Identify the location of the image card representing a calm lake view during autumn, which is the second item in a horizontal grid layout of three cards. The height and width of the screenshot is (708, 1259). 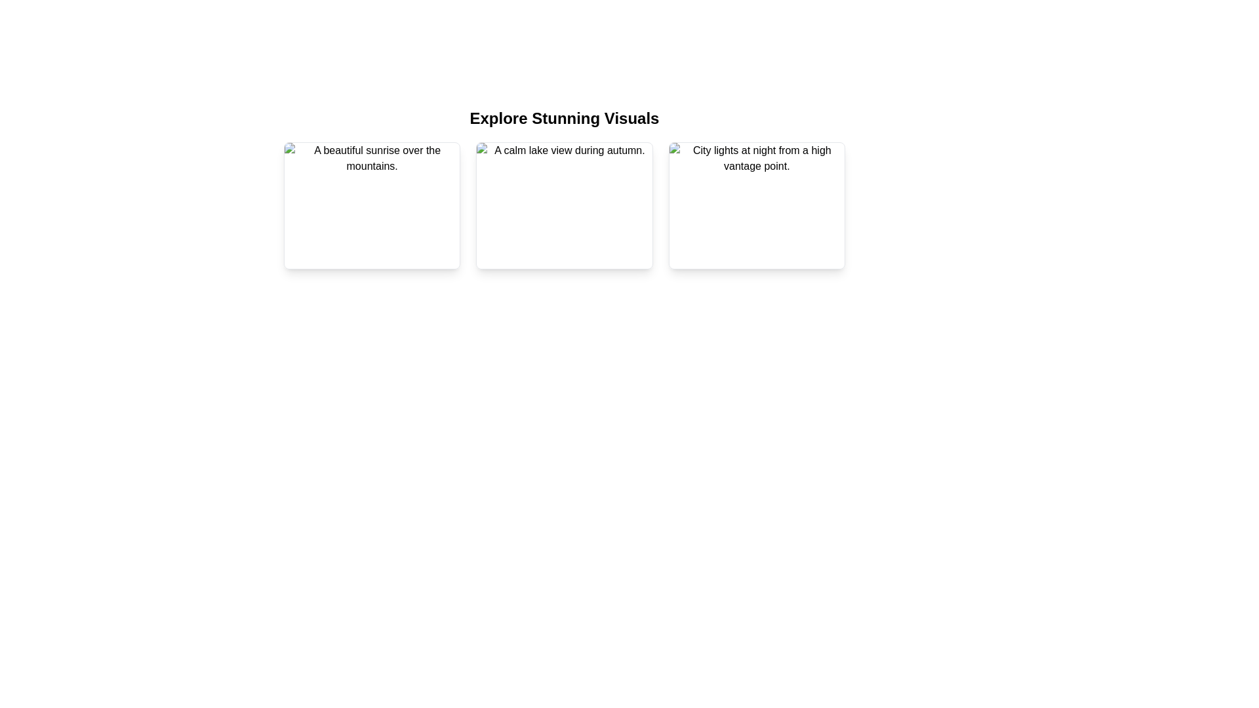
(564, 205).